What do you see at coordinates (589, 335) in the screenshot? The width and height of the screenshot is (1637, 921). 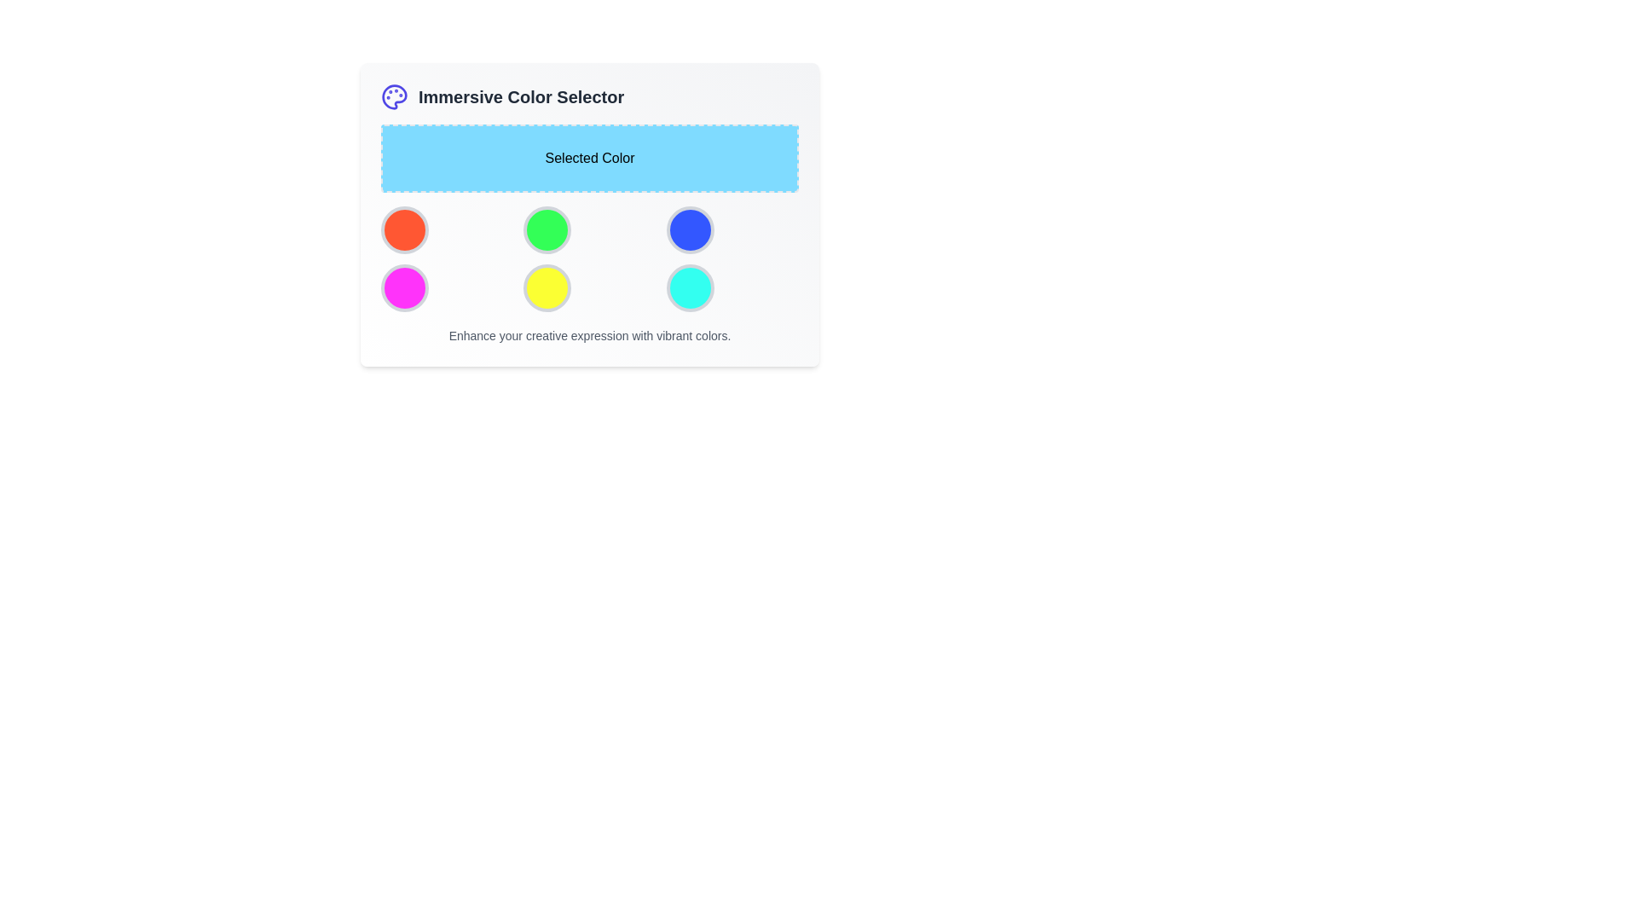 I see `the text label that states 'Enhance your creative expression with vibrant colors.' which is styled in gray and positioned towards the bottom of the interface` at bounding box center [589, 335].